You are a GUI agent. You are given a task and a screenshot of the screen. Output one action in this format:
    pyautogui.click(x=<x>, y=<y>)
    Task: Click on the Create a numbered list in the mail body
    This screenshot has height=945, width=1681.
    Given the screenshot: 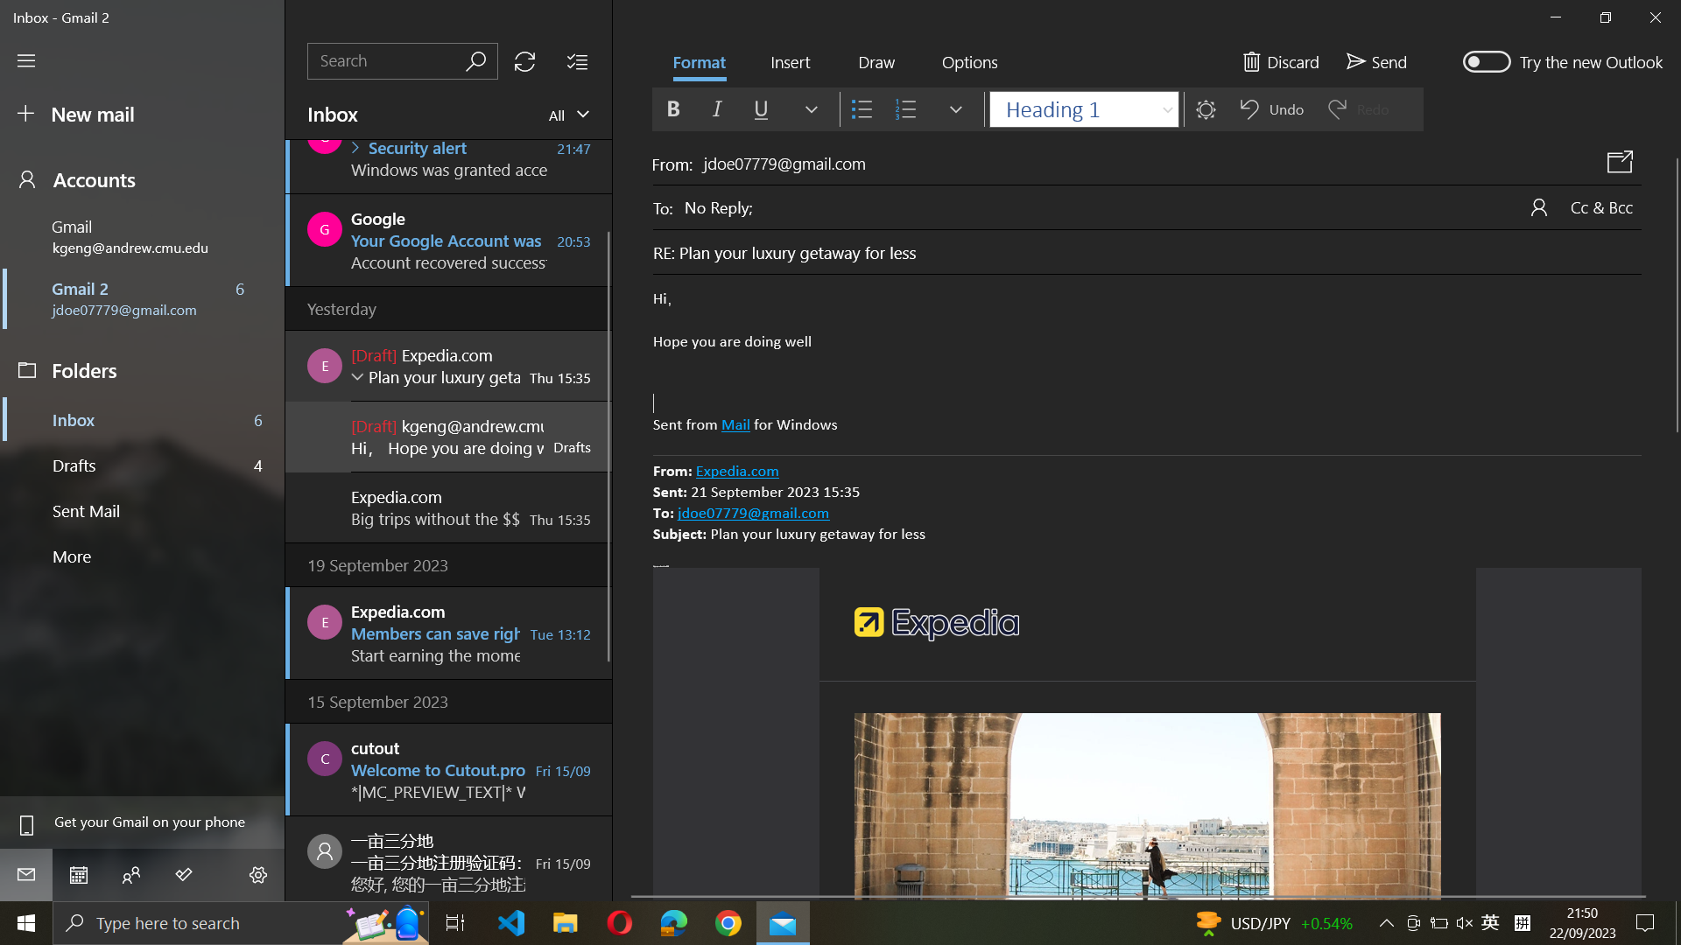 What is the action you would take?
    pyautogui.click(x=1147, y=362)
    